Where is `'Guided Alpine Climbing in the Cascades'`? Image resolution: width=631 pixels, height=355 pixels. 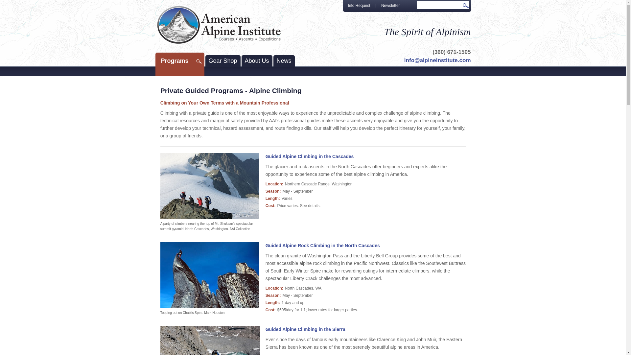
'Guided Alpine Climbing in the Cascades' is located at coordinates (209, 186).